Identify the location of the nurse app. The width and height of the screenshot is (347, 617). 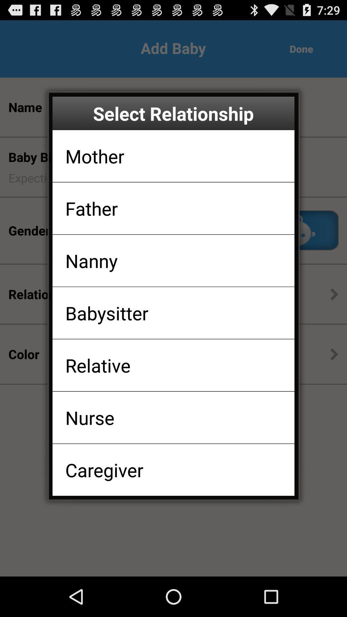
(90, 417).